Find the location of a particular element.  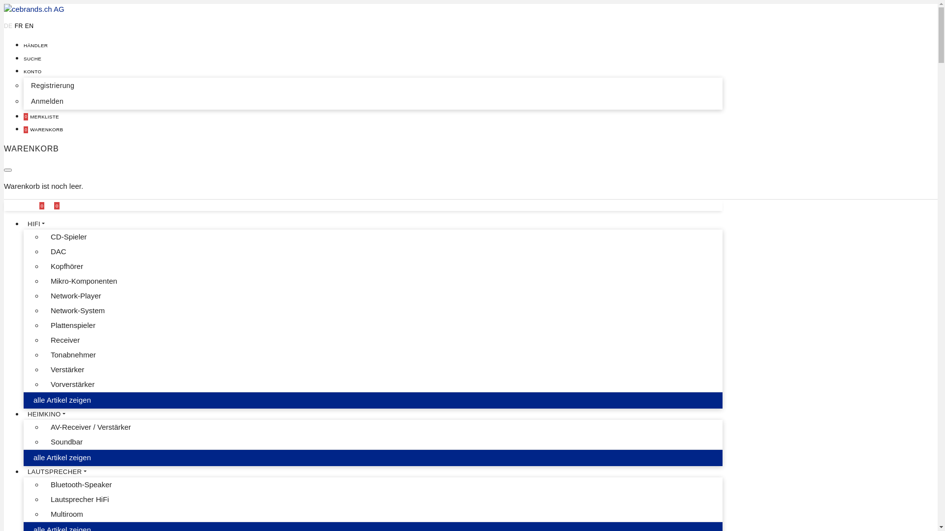

'0' is located at coordinates (42, 204).